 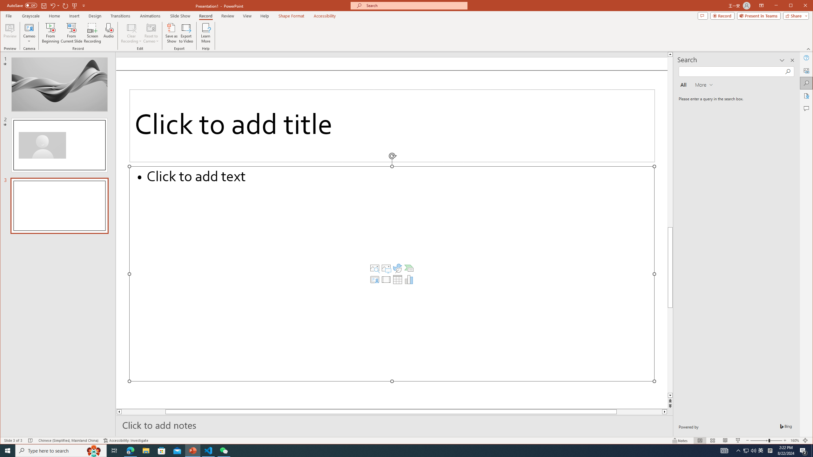 What do you see at coordinates (409, 279) in the screenshot?
I see `'Insert Chart'` at bounding box center [409, 279].